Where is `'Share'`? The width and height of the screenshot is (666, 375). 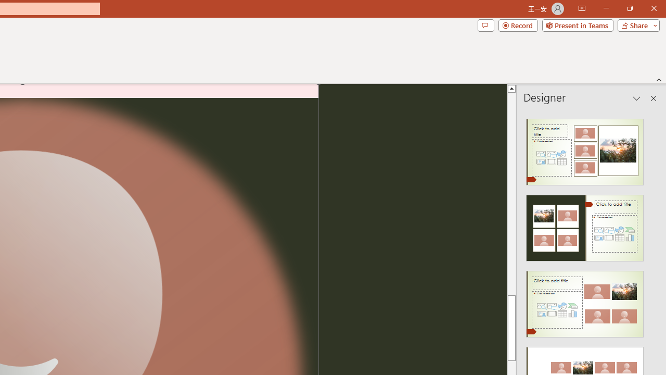
'Share' is located at coordinates (636, 24).